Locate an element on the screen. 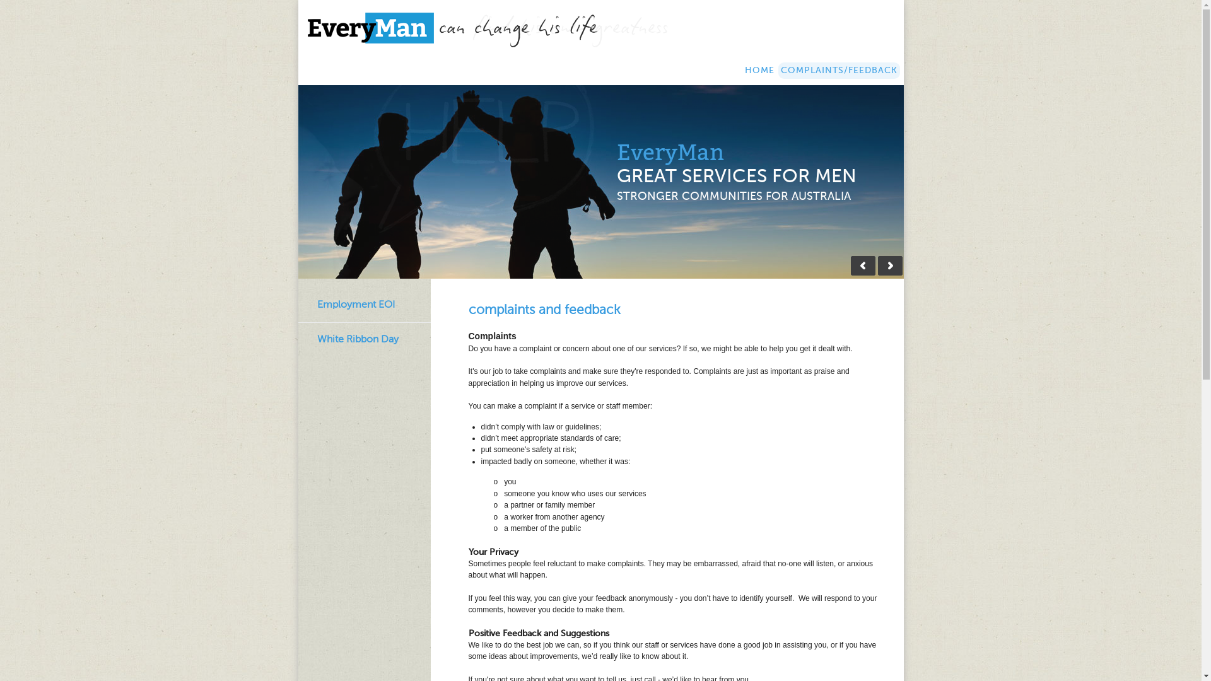 The width and height of the screenshot is (1211, 681). 'White Ribbon Day' is located at coordinates (356, 339).